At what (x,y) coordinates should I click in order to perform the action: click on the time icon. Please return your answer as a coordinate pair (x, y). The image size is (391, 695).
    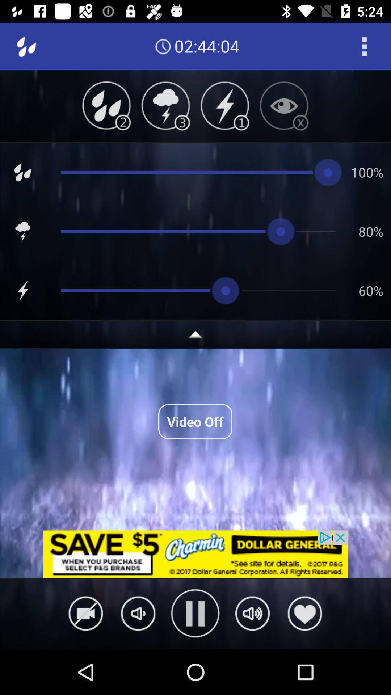
    Looking at the image, I should click on (163, 46).